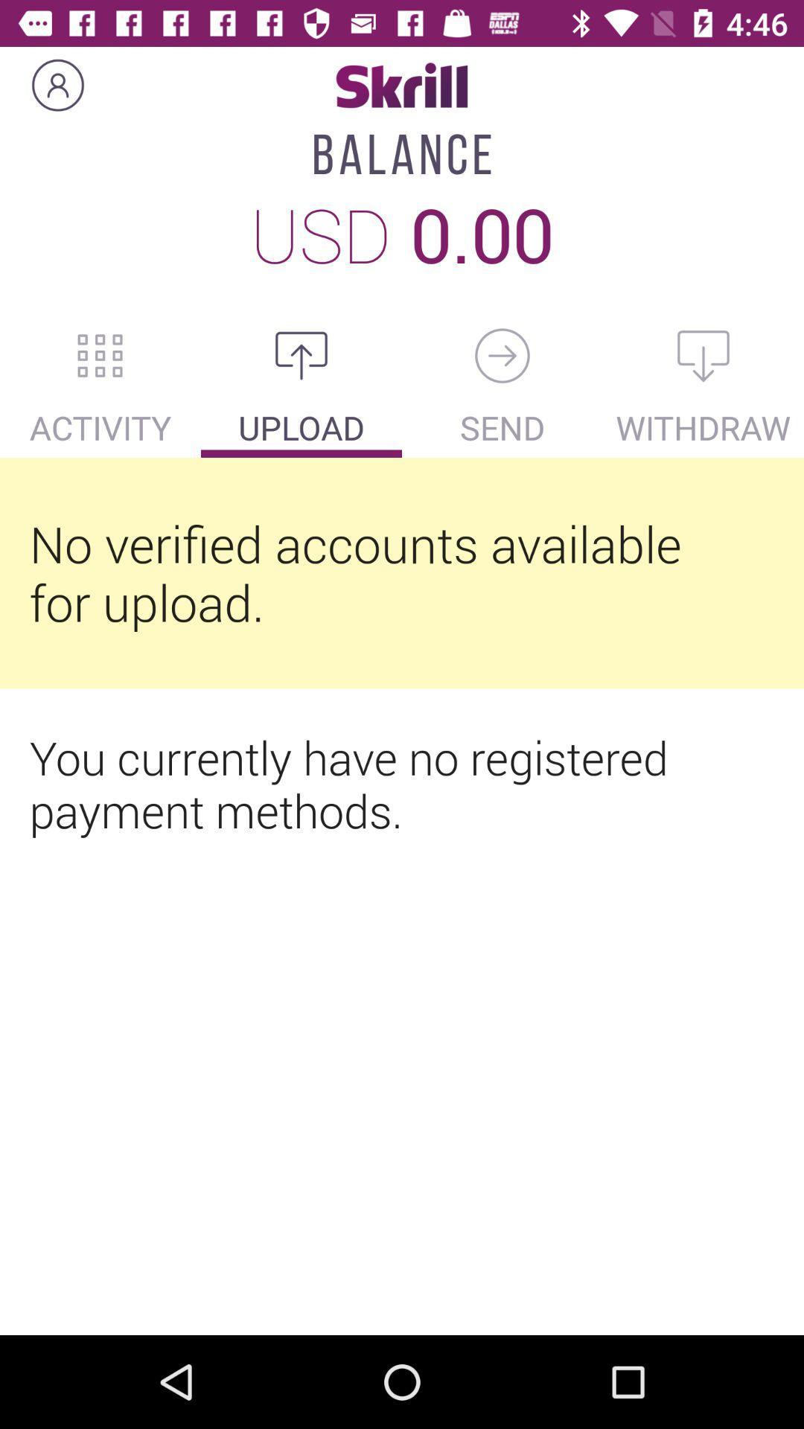 The image size is (804, 1429). I want to click on the microphone icon, so click(502, 355).